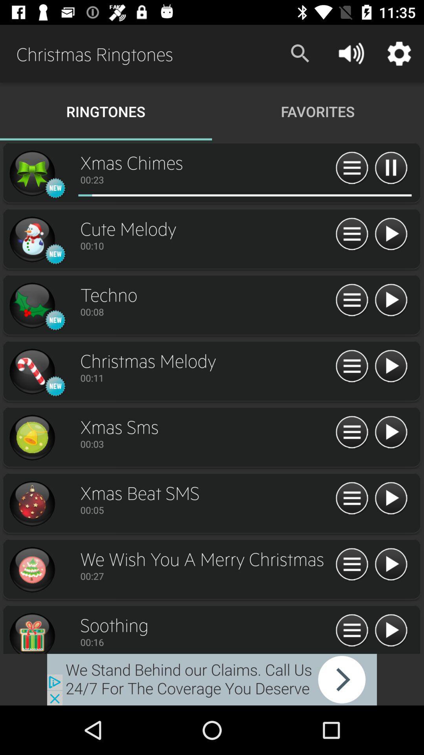 This screenshot has width=424, height=755. What do you see at coordinates (31, 239) in the screenshot?
I see `logo` at bounding box center [31, 239].